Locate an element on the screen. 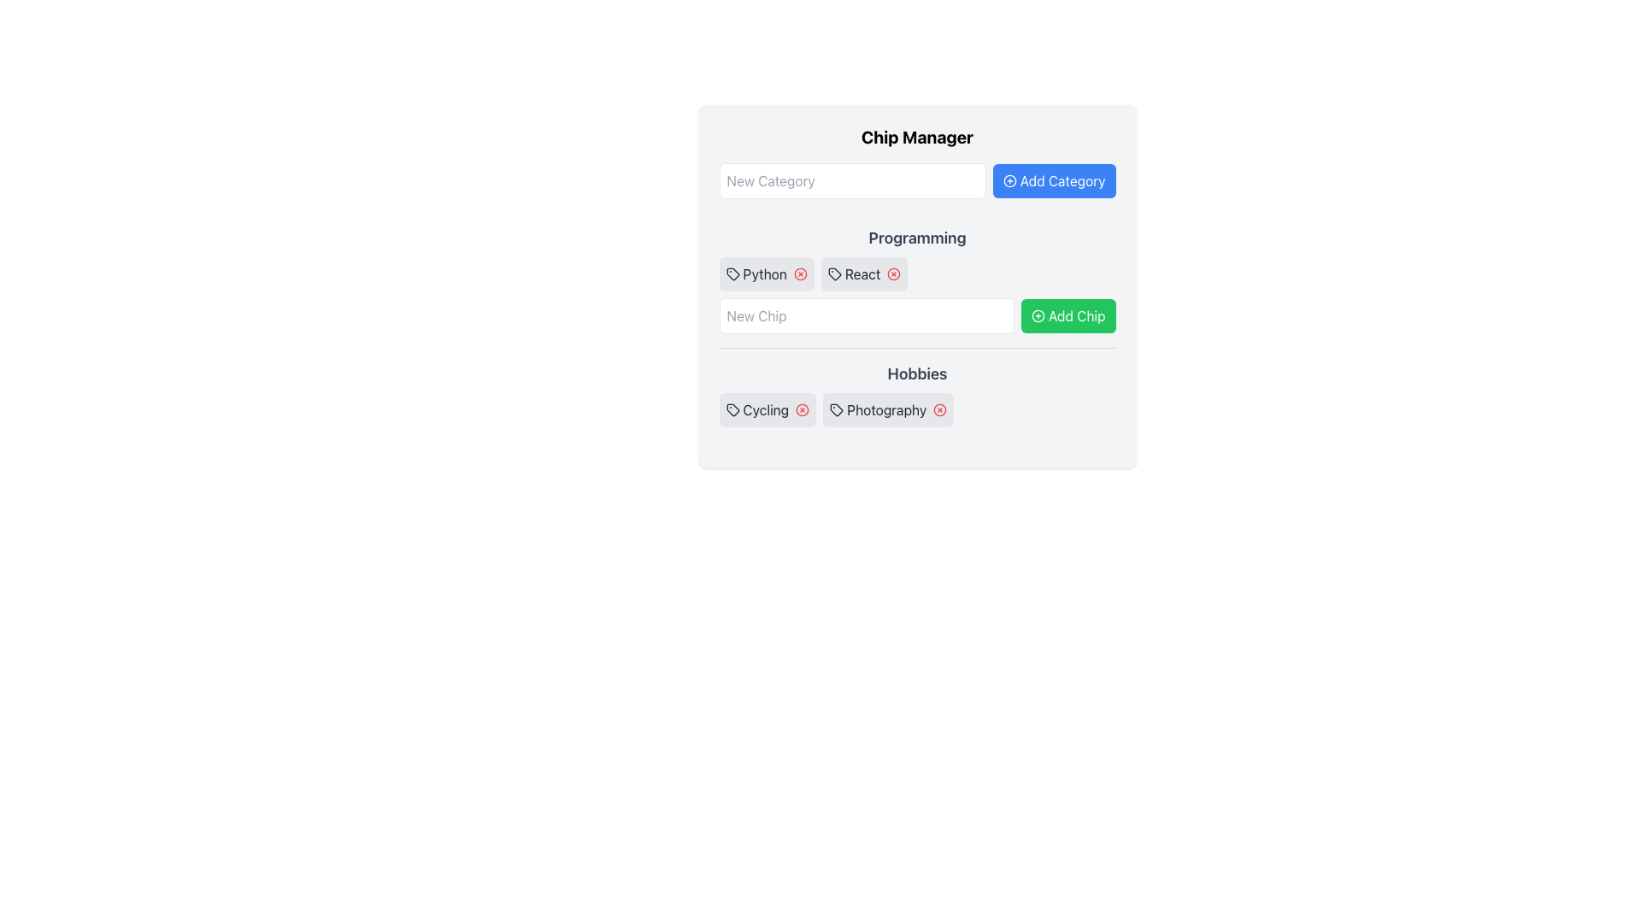 The width and height of the screenshot is (1641, 923). the header label that indicates the context or grouping of the chips below it, located directly below the 'Add Category' button and above the chips labeled 'Python' and 'React' in the 'Chip Manager' card is located at coordinates (916, 238).